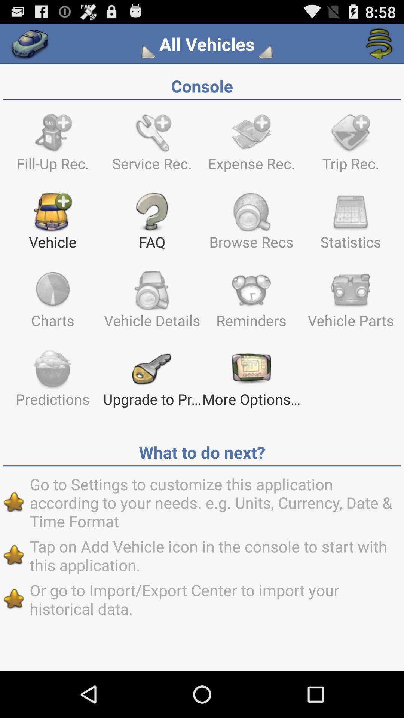  I want to click on the upgrade to pro! icon, so click(151, 382).